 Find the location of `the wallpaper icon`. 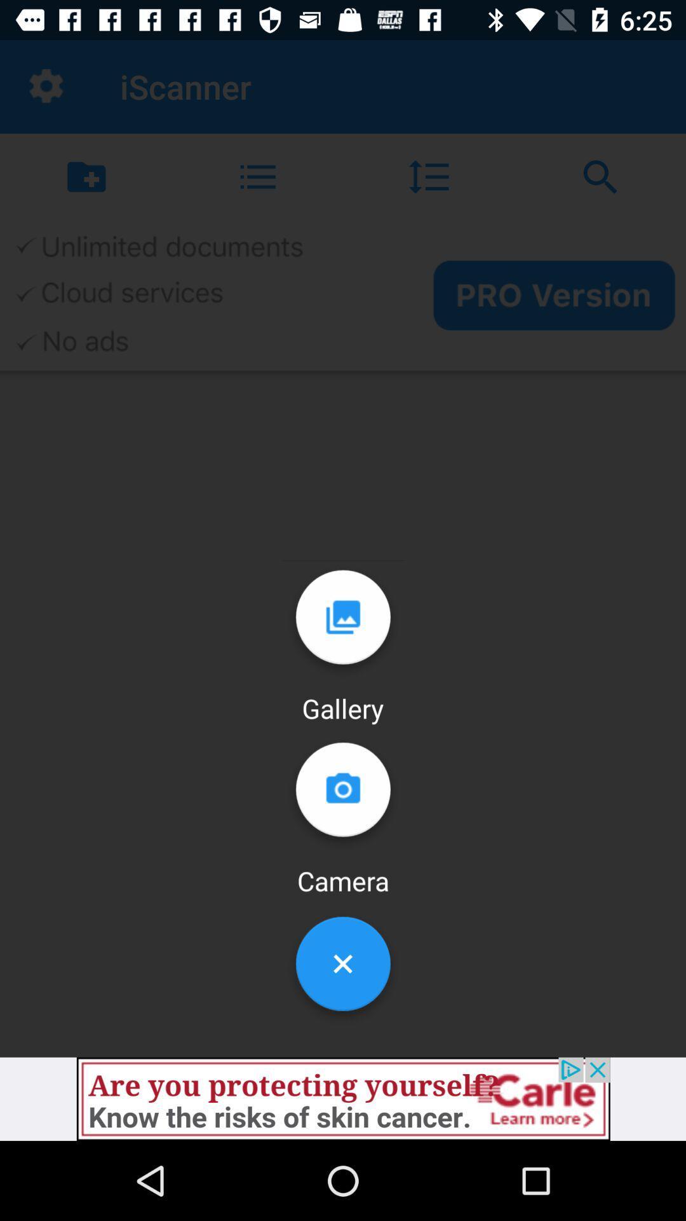

the wallpaper icon is located at coordinates (343, 623).